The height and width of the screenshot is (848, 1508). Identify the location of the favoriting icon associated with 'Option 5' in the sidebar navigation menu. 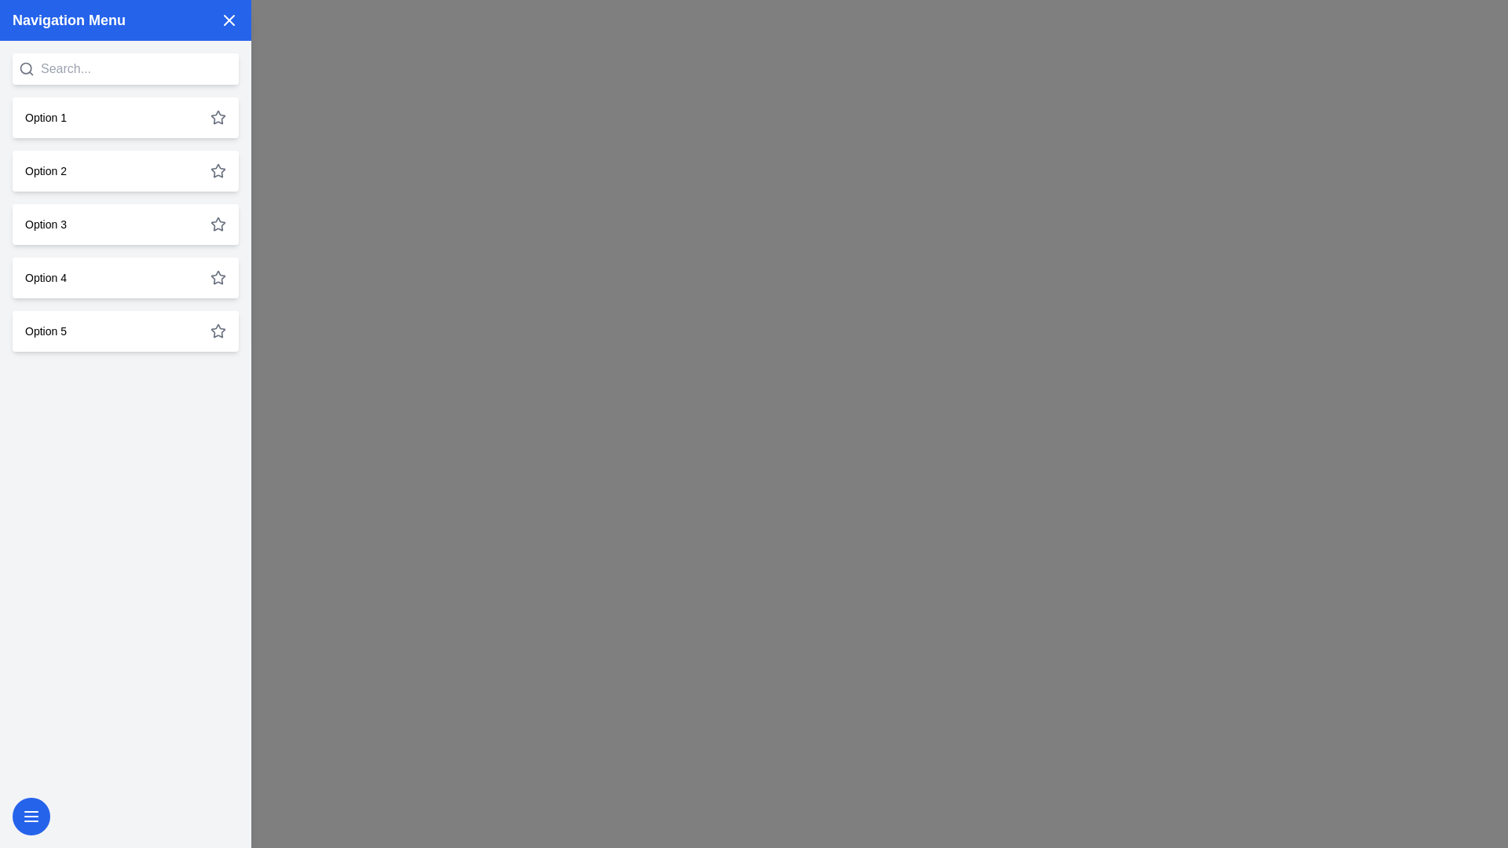
(218, 330).